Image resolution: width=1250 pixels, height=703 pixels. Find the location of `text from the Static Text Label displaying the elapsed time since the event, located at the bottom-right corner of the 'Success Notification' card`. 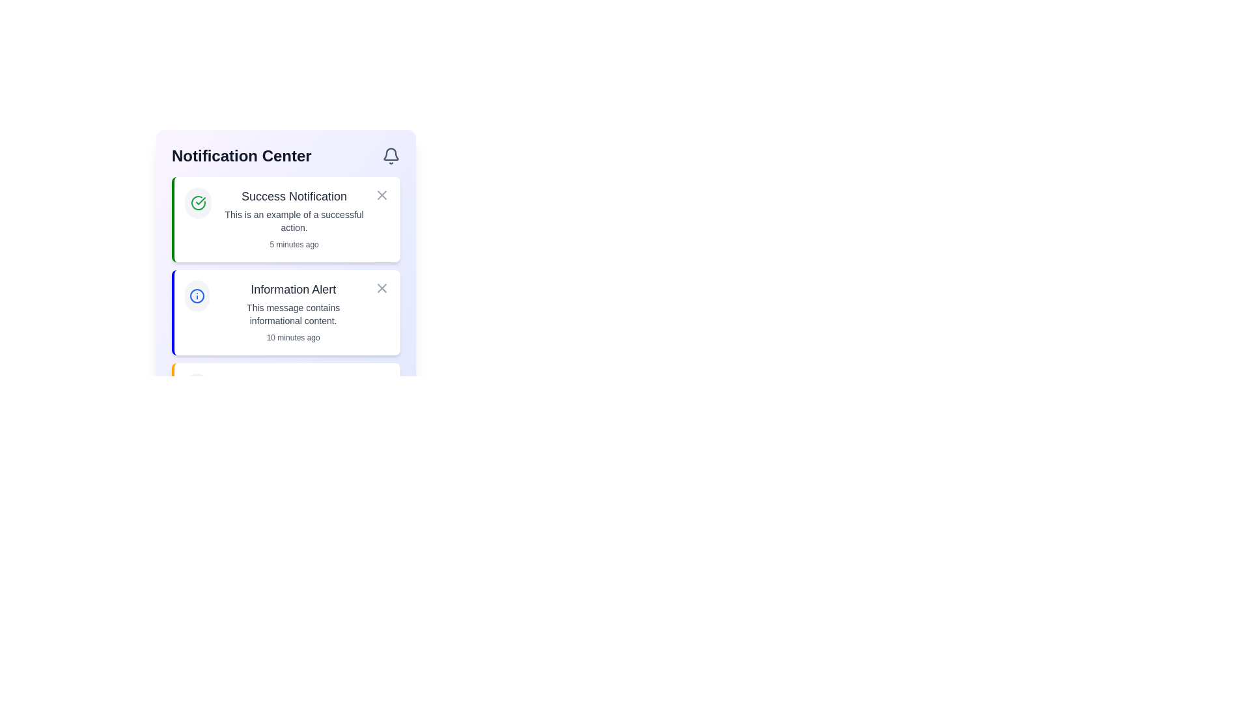

text from the Static Text Label displaying the elapsed time since the event, located at the bottom-right corner of the 'Success Notification' card is located at coordinates (294, 244).